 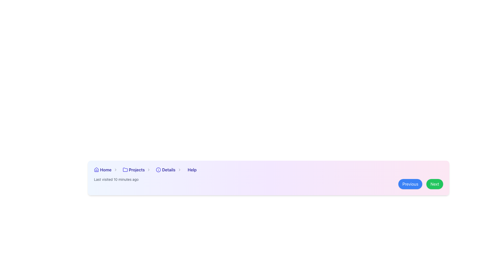 What do you see at coordinates (191, 170) in the screenshot?
I see `the 'Help' hyperlink located at the bottom of the webpage in the breadcrumb navigation bar` at bounding box center [191, 170].